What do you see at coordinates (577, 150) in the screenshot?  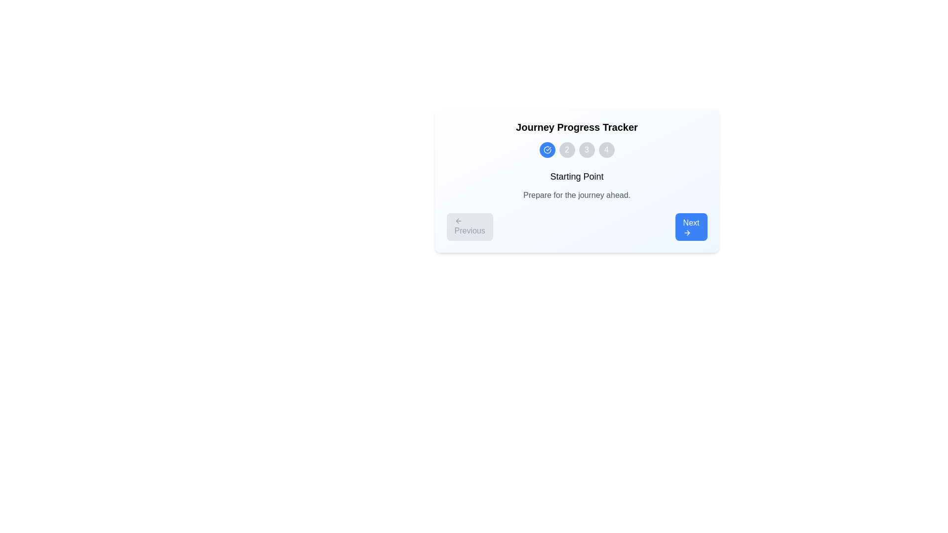 I see `a circle in the Progress indicator with step circles` at bounding box center [577, 150].